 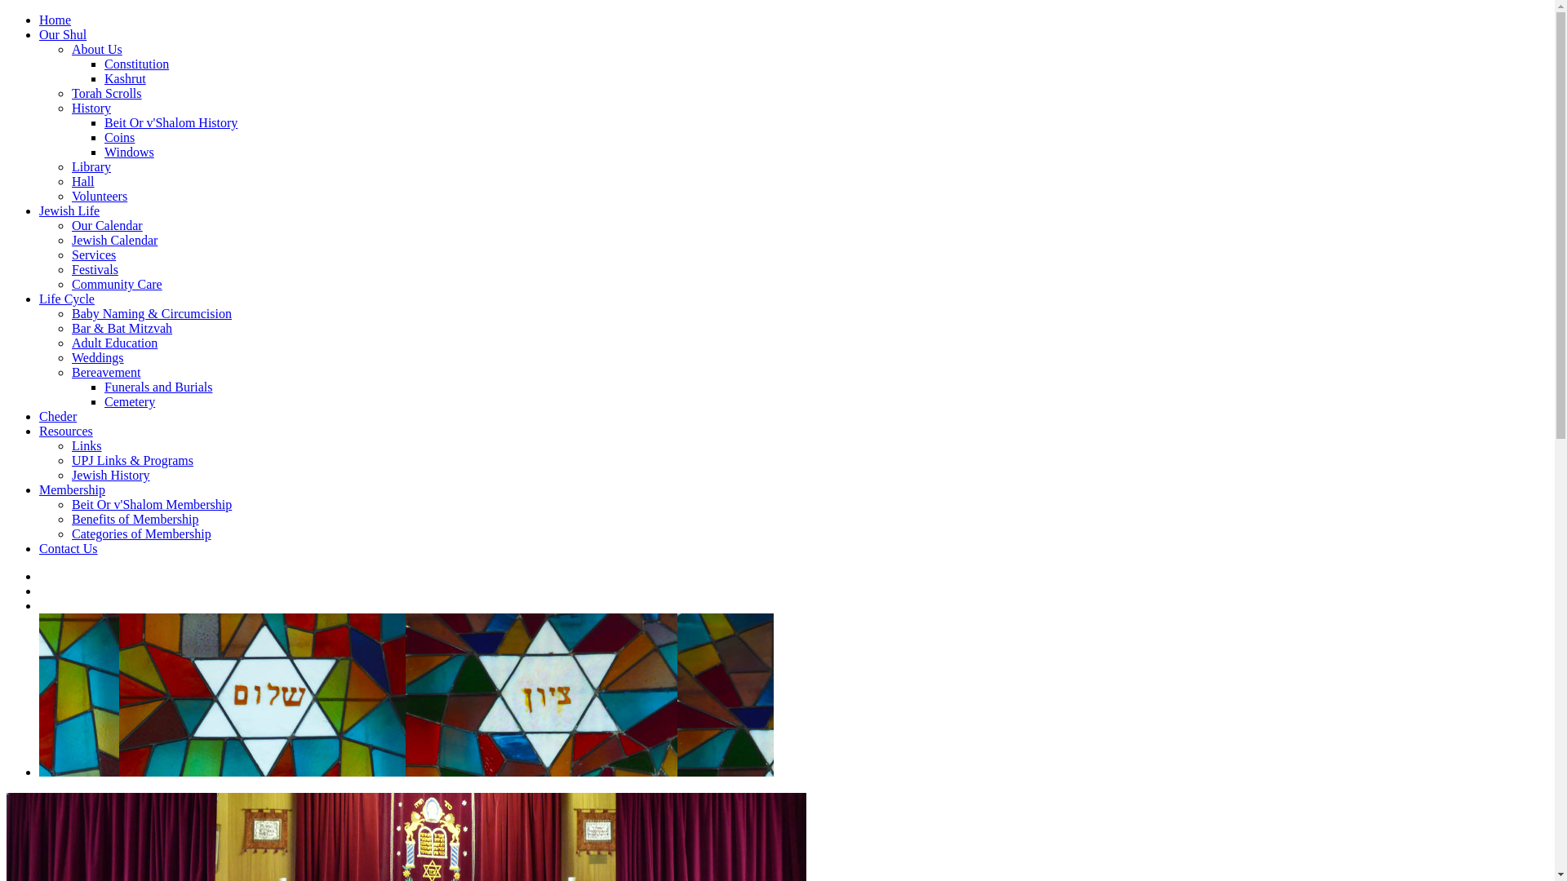 I want to click on 'Library', so click(x=90, y=166).